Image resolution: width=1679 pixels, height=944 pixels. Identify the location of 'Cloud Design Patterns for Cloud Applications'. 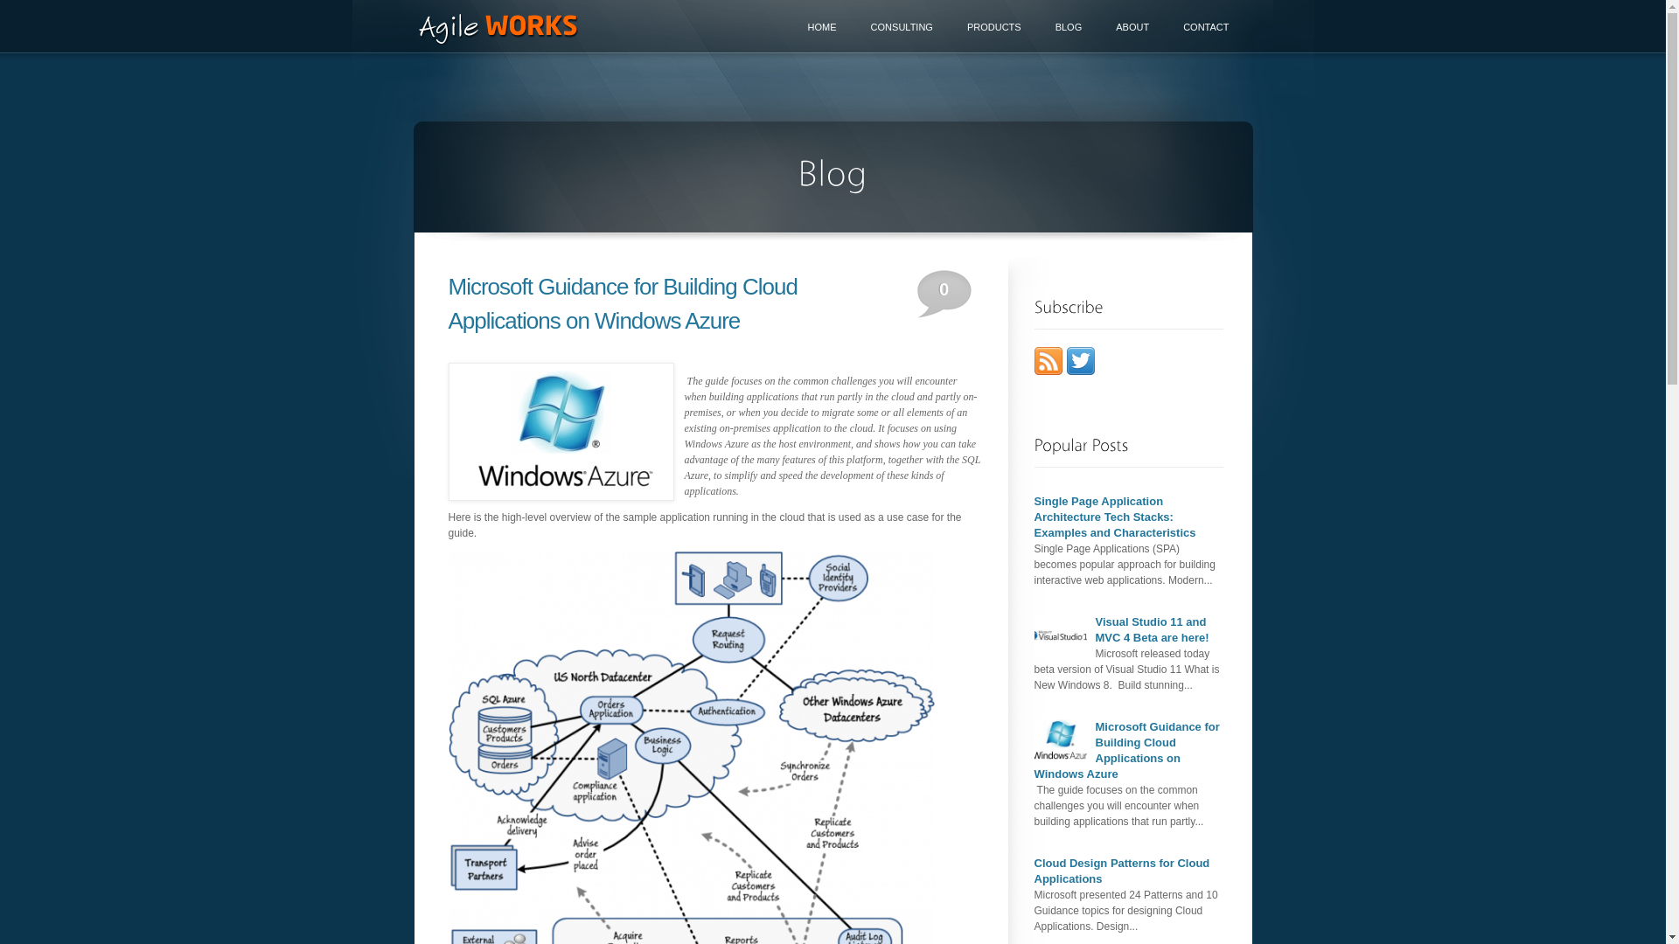
(1121, 871).